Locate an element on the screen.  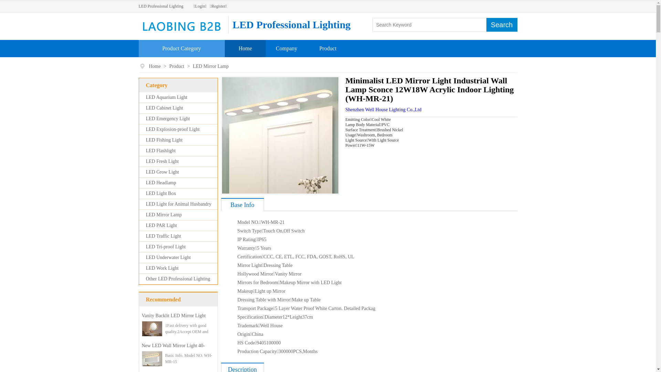
'LED Tri-proof Light' is located at coordinates (145, 246).